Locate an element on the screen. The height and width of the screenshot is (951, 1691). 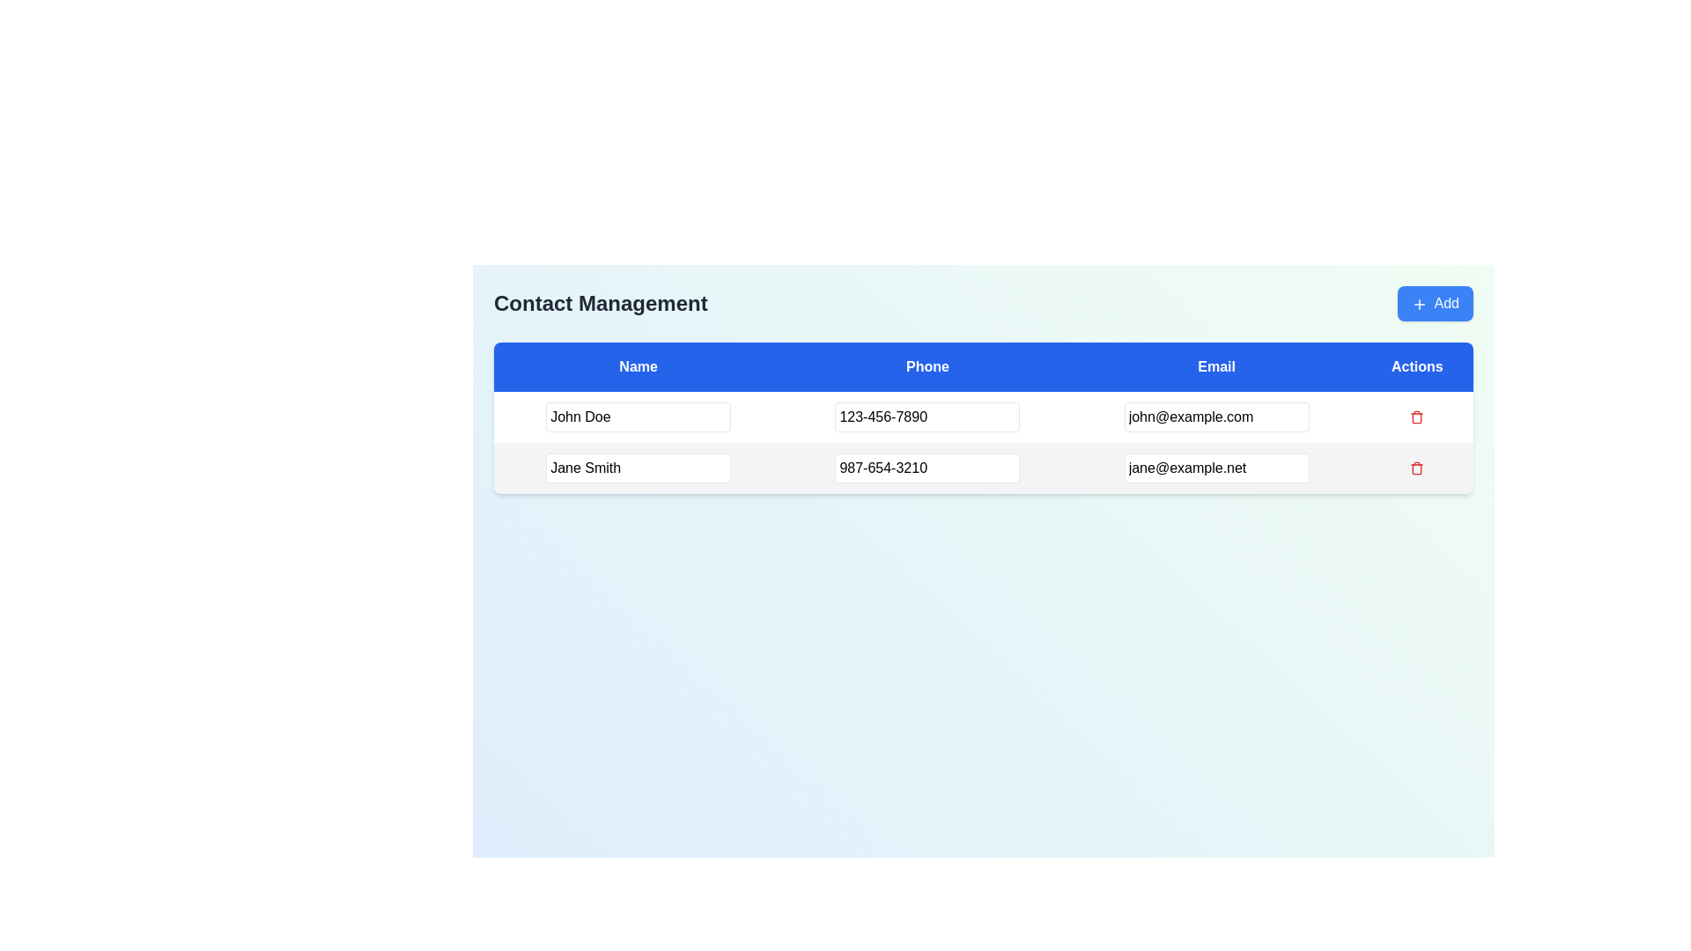
the text input field labeled with the placeholder 'Enter Email', which currently contains the value 'jane@example.net' is located at coordinates (1215, 468).